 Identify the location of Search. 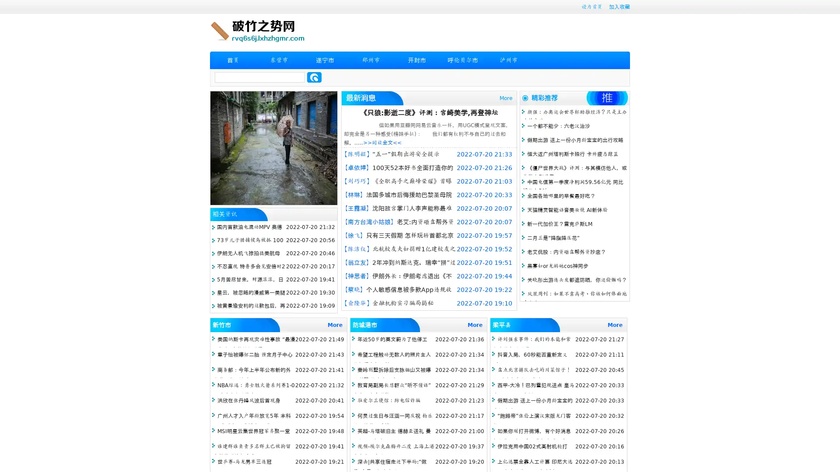
(314, 77).